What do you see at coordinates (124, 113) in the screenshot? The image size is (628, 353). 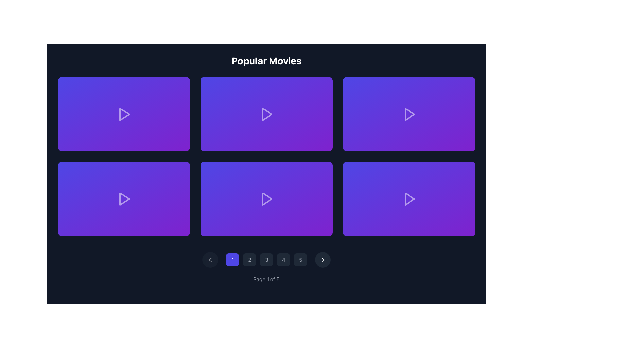 I see `the play icon on the media thumbnail in the top-left corner of the grid layout` at bounding box center [124, 113].